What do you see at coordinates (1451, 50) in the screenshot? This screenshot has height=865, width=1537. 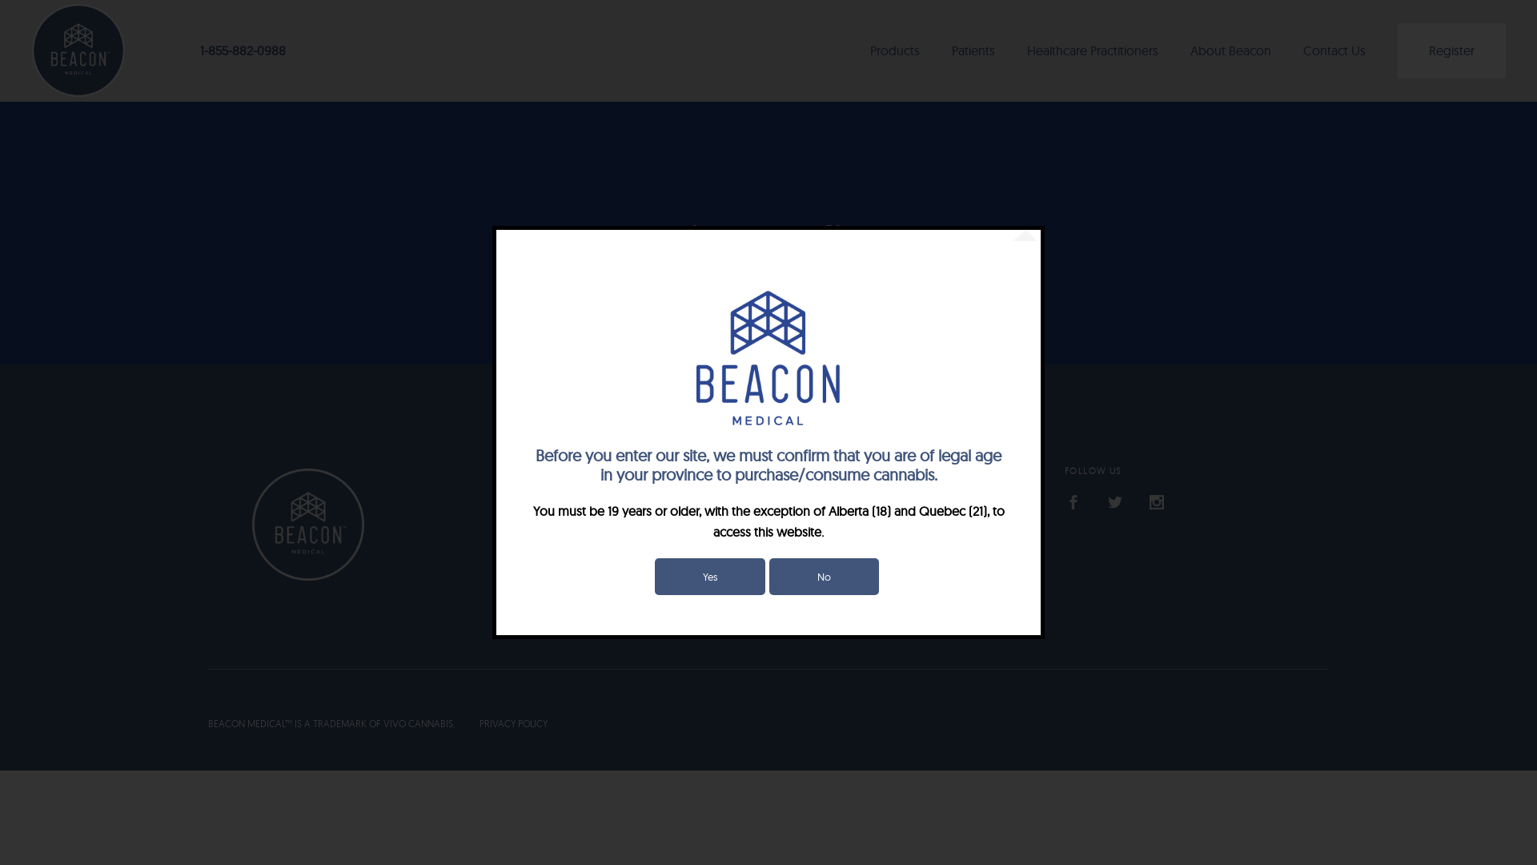 I see `'Register'` at bounding box center [1451, 50].